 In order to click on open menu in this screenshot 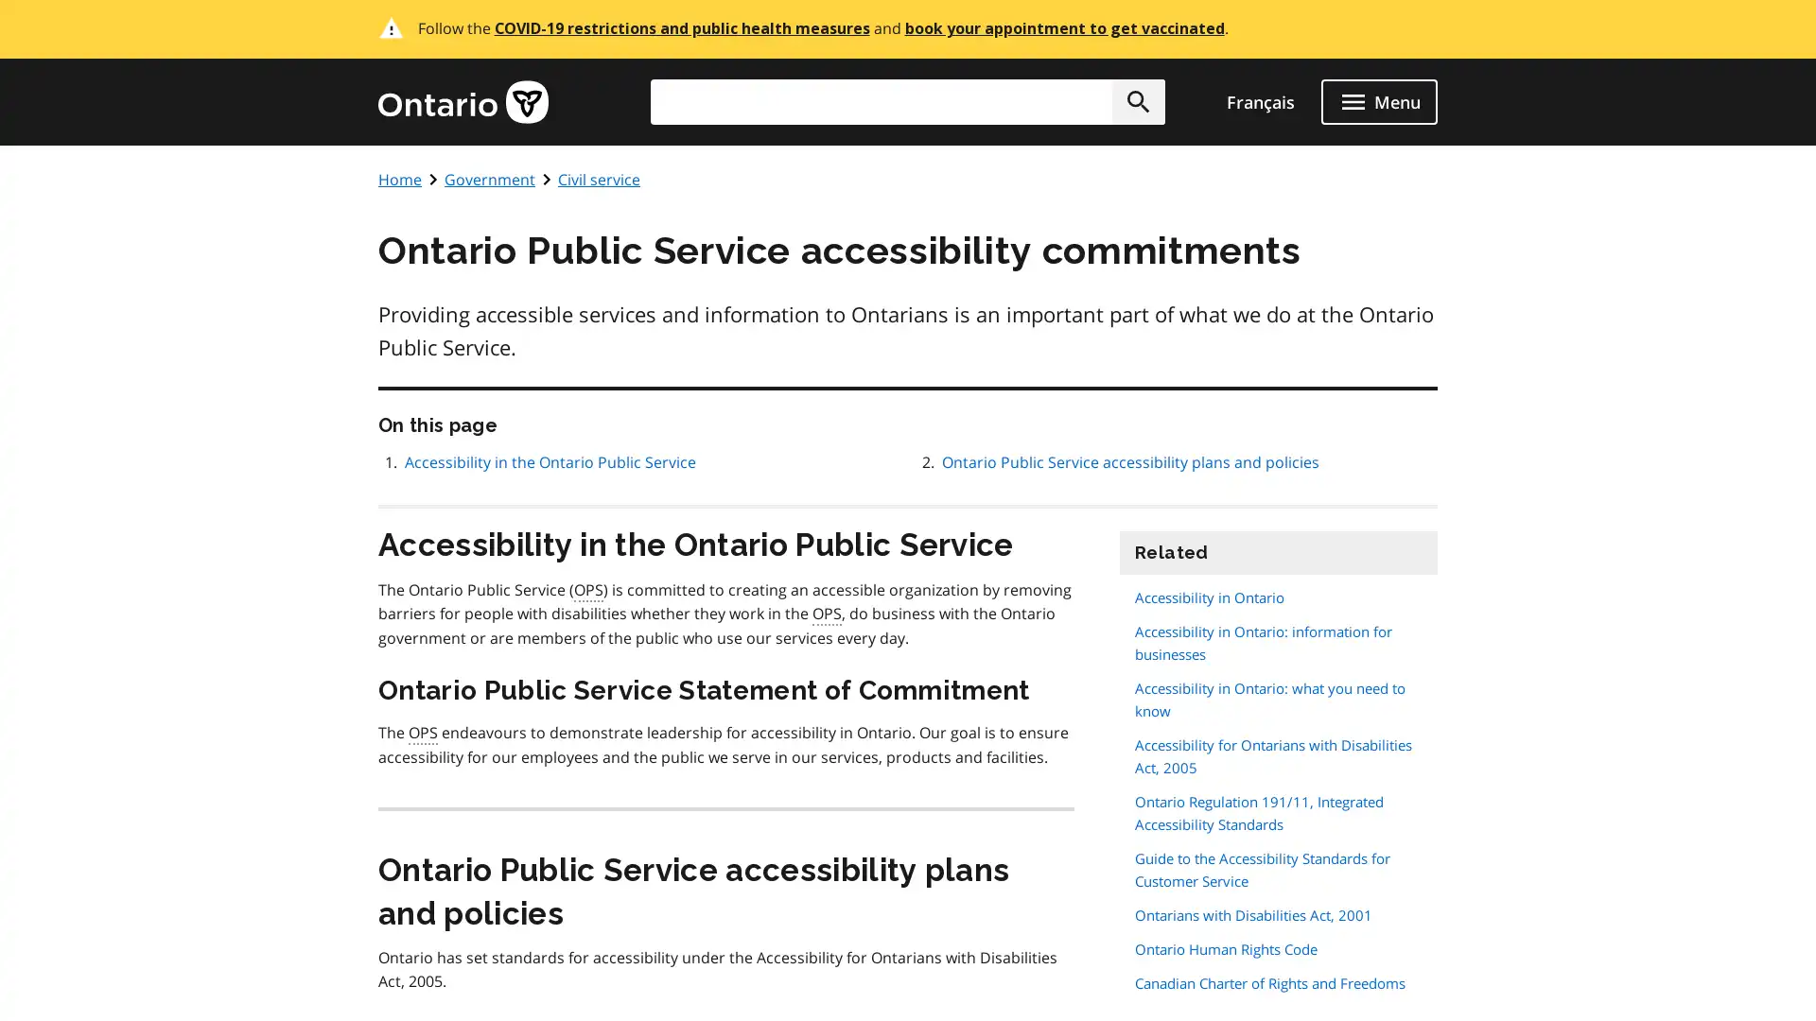, I will do `click(1379, 101)`.